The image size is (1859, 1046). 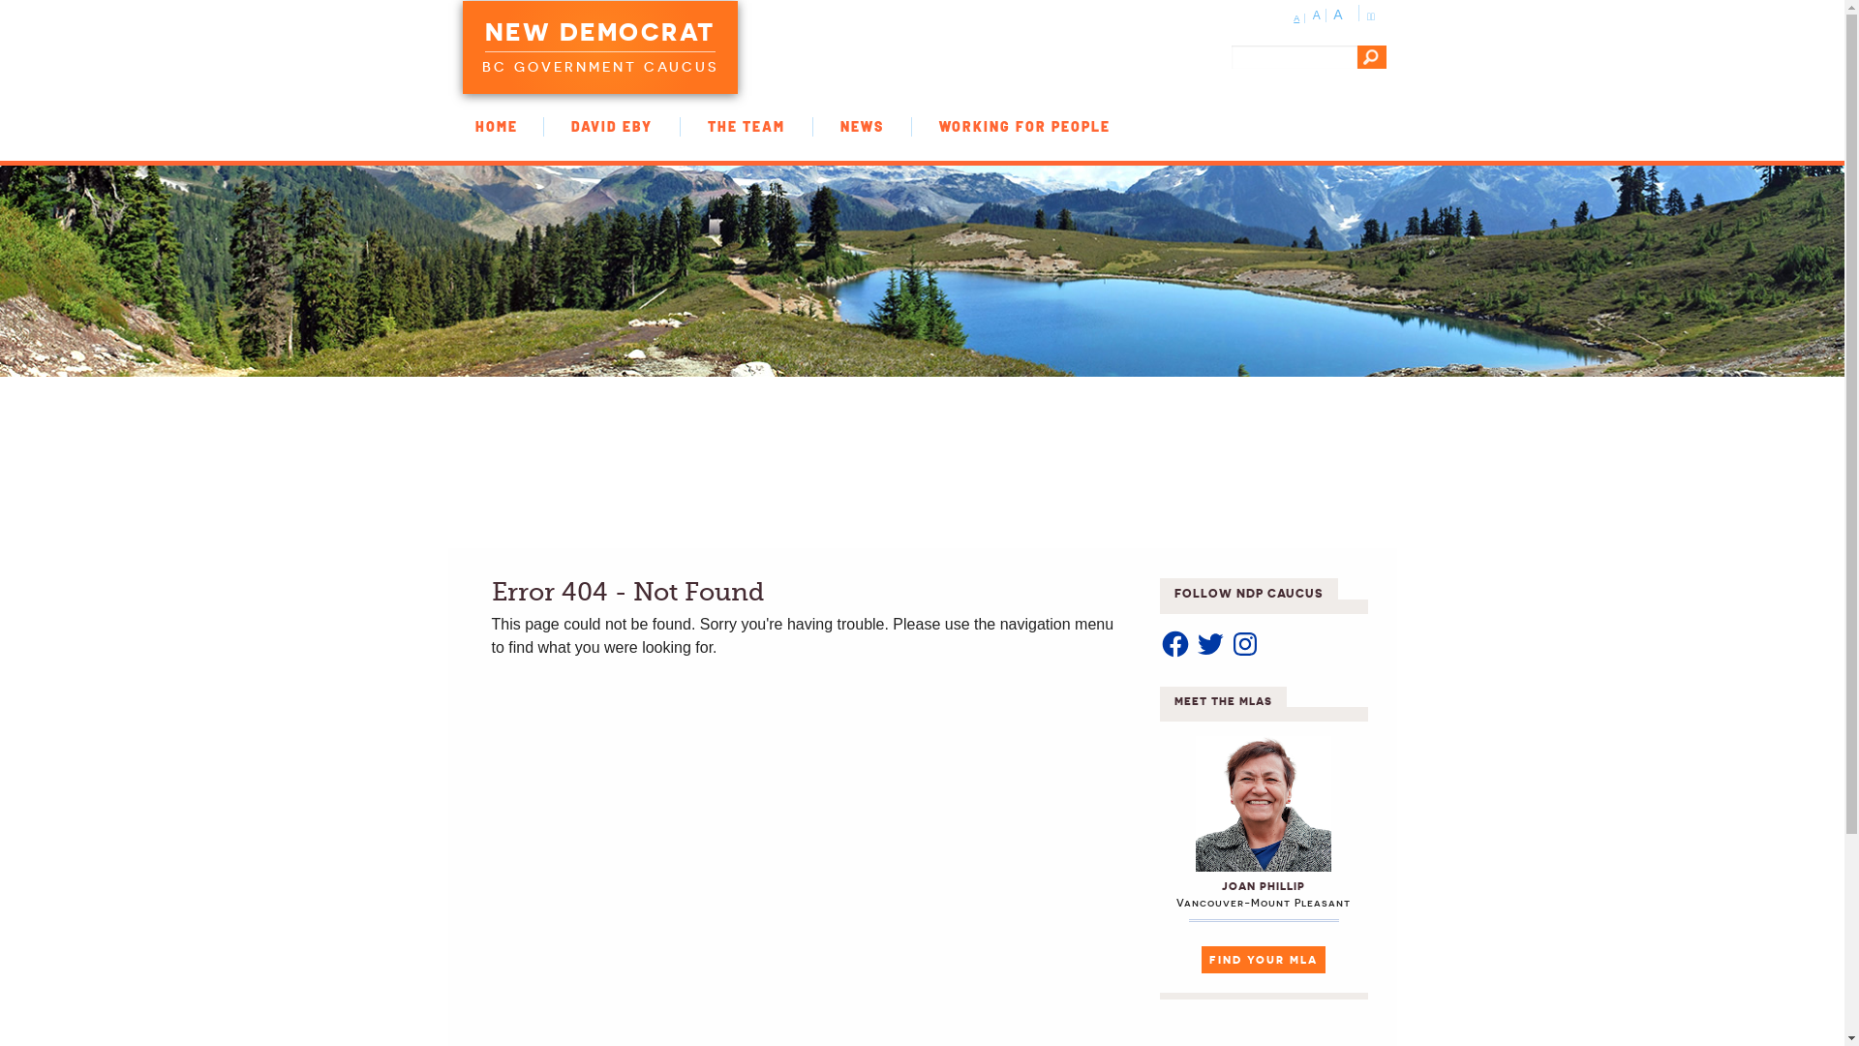 What do you see at coordinates (1201, 960) in the screenshot?
I see `'FIND YOUR MLA'` at bounding box center [1201, 960].